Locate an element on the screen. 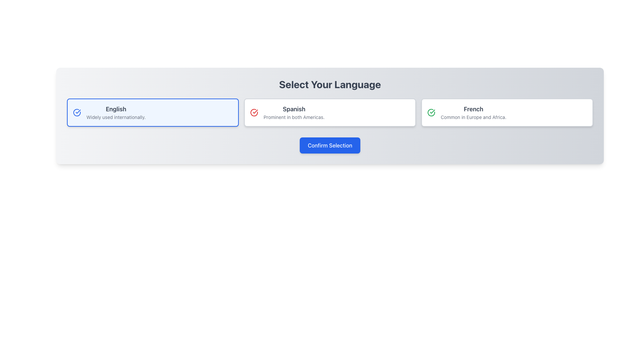  the text label component indicating the language option 'English', which is located at the top of the language selection card on the left side of the interface is located at coordinates (116, 109).